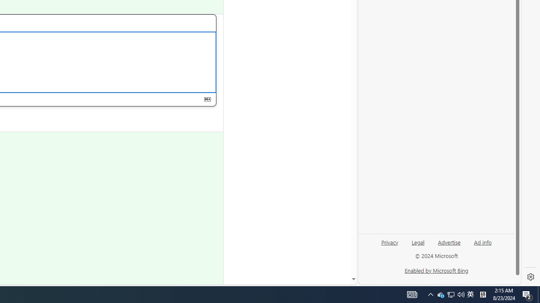  Describe the element at coordinates (207, 99) in the screenshot. I see `'Class: s16 gl-icon gl-button-icon '` at that location.